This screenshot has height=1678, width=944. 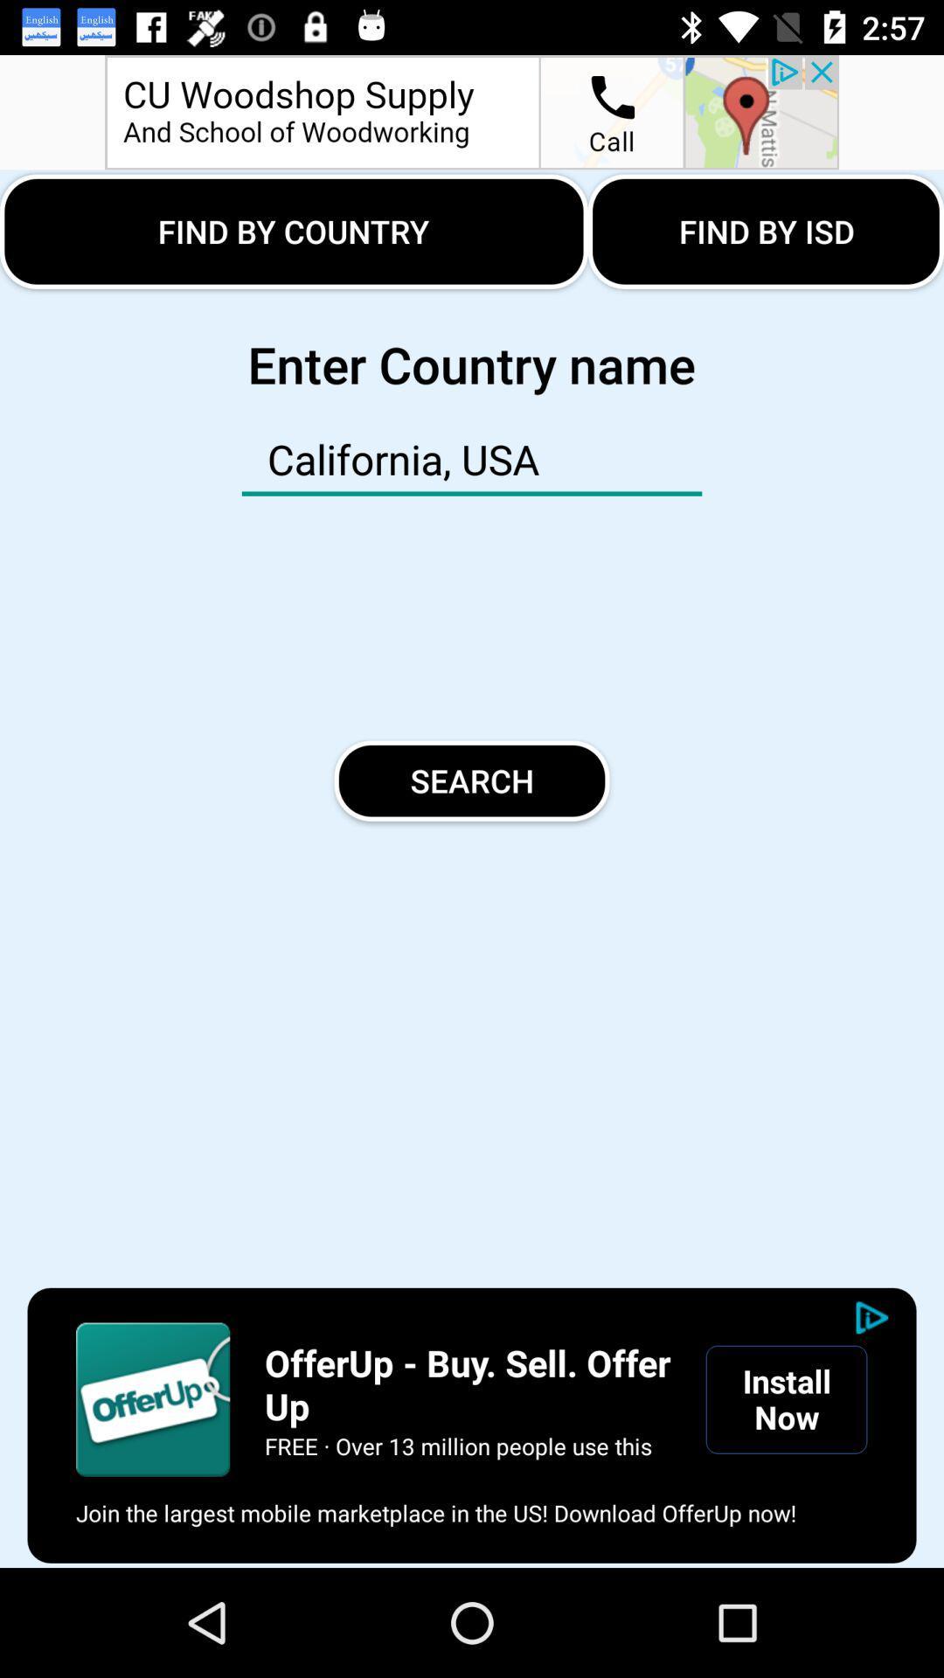 What do you see at coordinates (152, 1399) in the screenshot?
I see `launch advertisement` at bounding box center [152, 1399].